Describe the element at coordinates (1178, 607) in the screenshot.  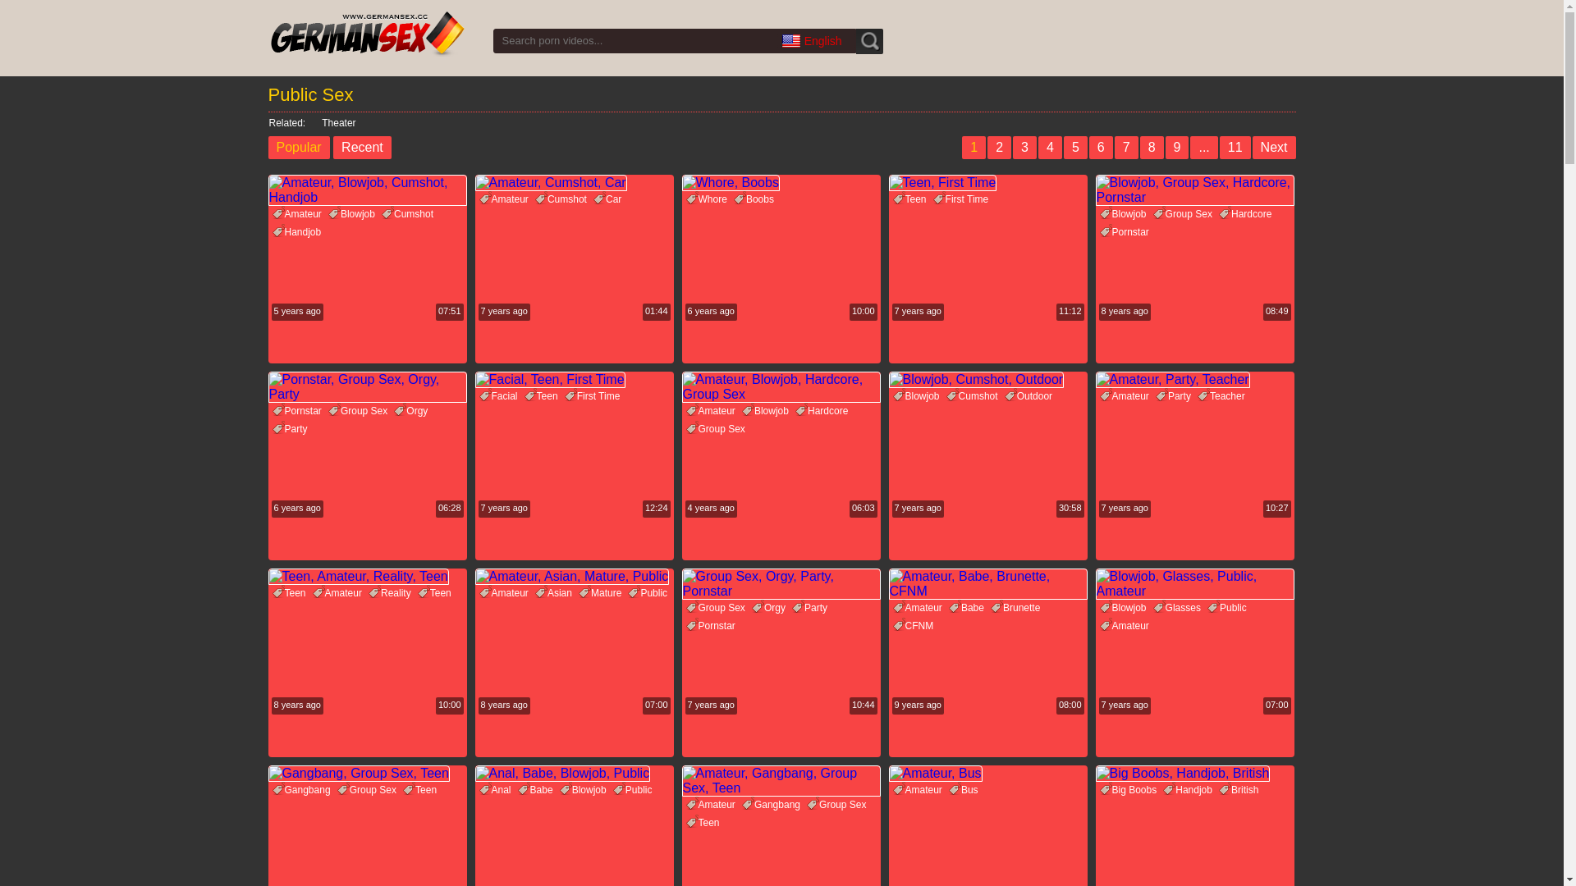
I see `'Glasses'` at that location.